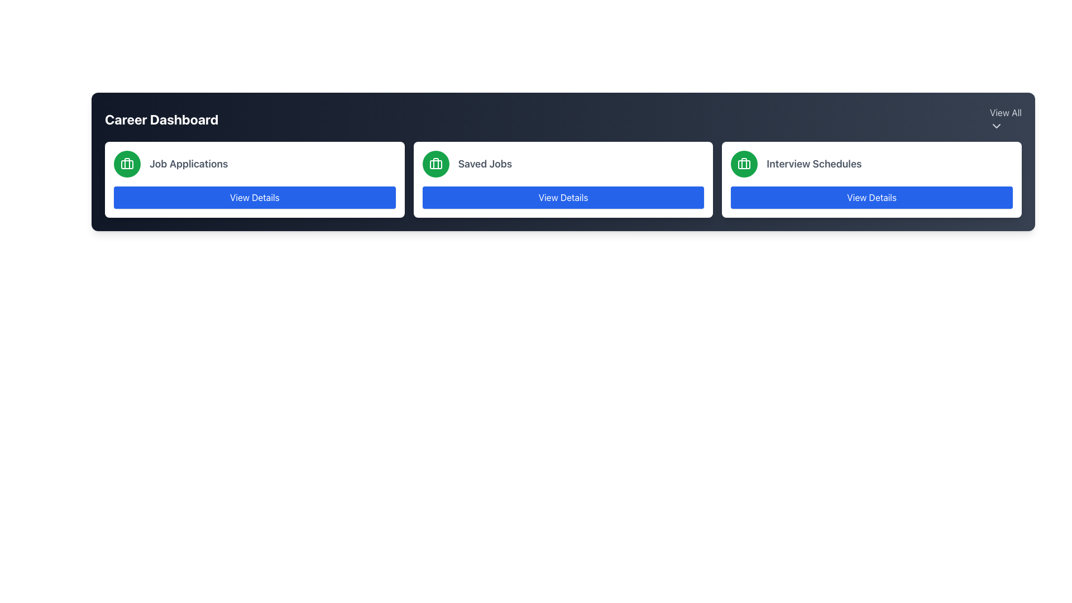 This screenshot has width=1072, height=603. Describe the element at coordinates (871, 197) in the screenshot. I see `the button located at the bottom of the 'Interview Schedules' card` at that location.